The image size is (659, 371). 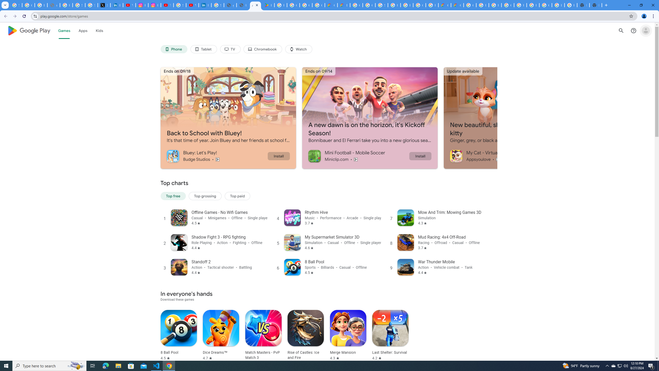 What do you see at coordinates (645, 30) in the screenshot?
I see `'Open account menu'` at bounding box center [645, 30].